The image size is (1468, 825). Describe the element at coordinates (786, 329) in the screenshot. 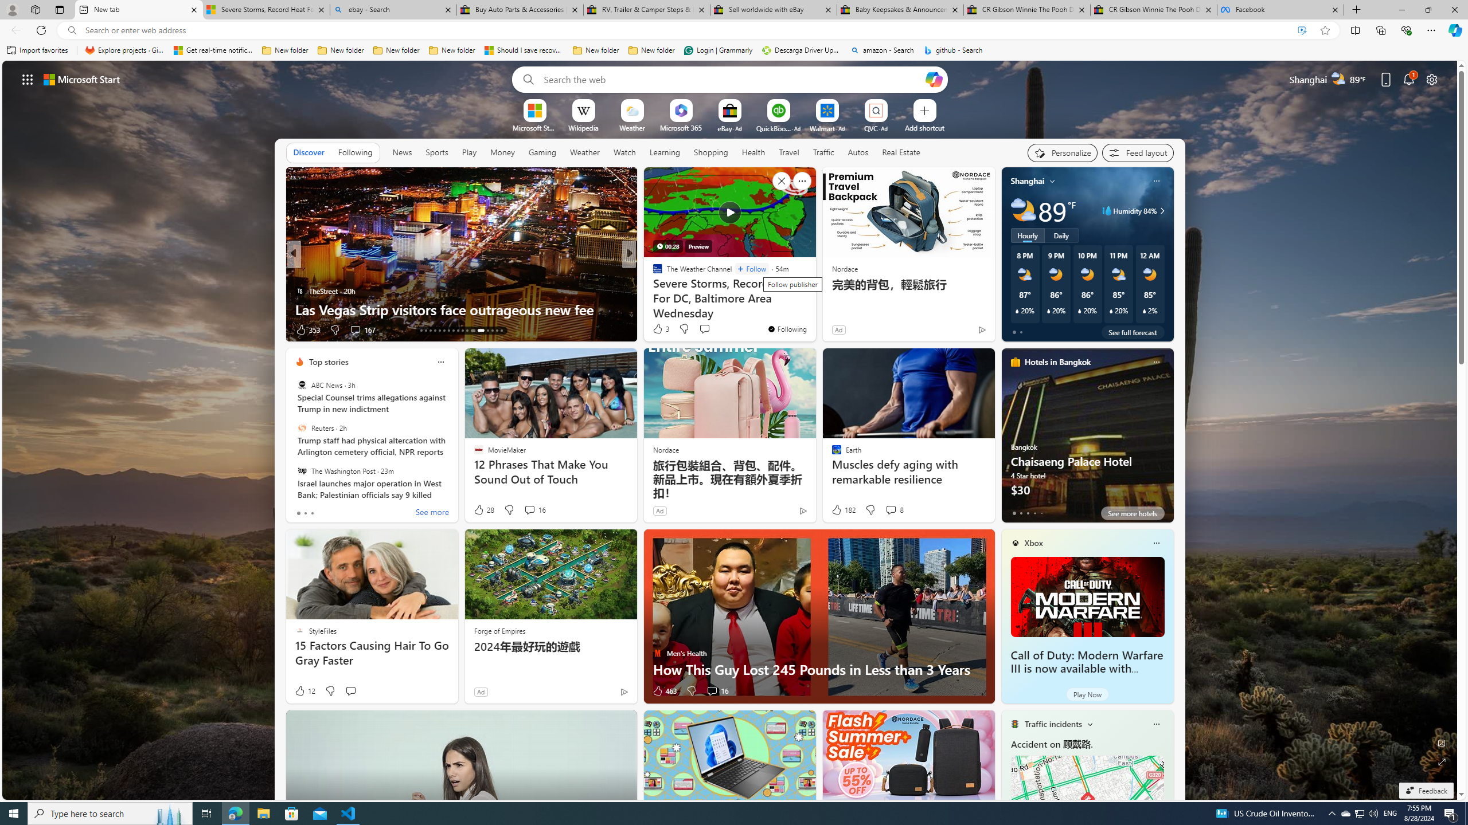

I see `'You'` at that location.